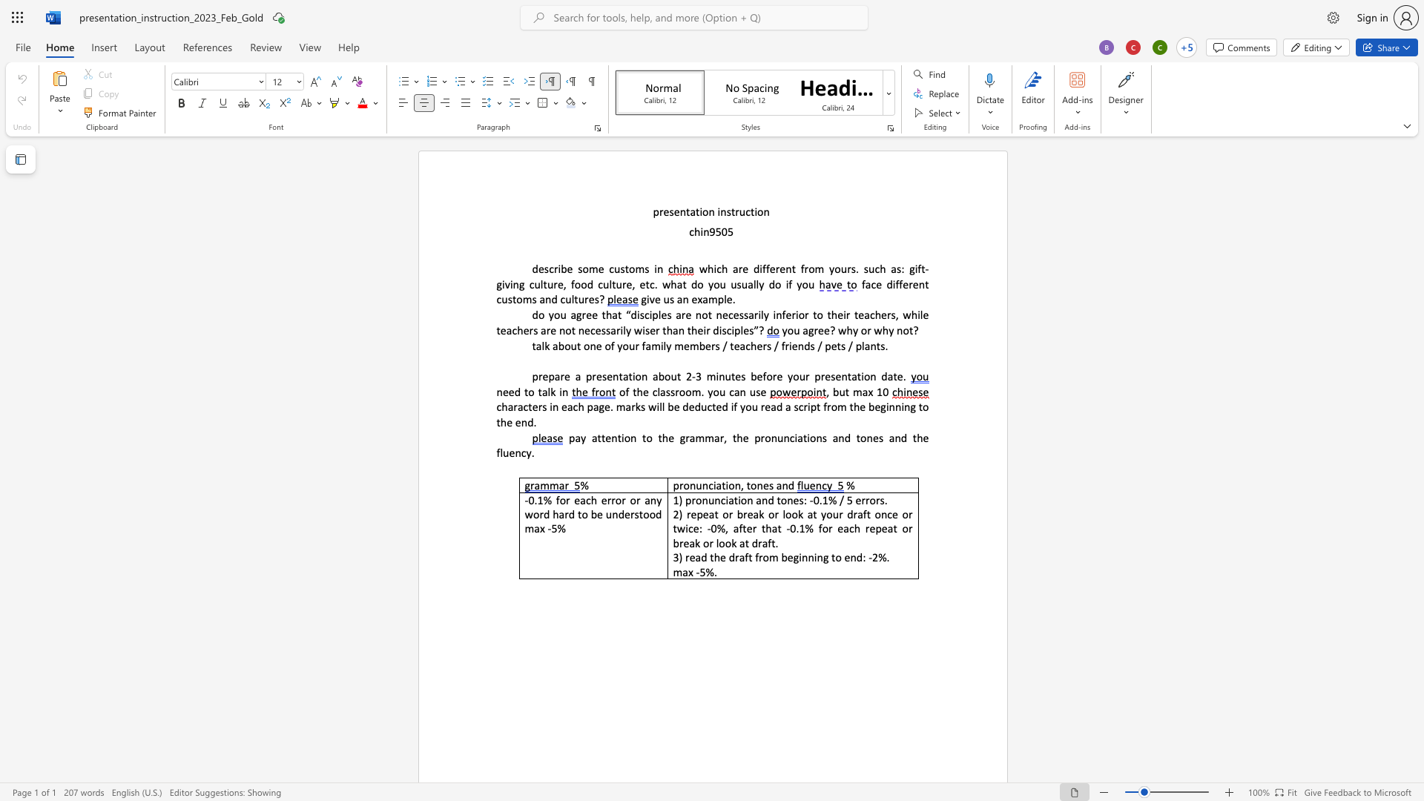 This screenshot has width=1424, height=801. I want to click on the space between the continuous character "a" and "t" in the text, so click(694, 211).